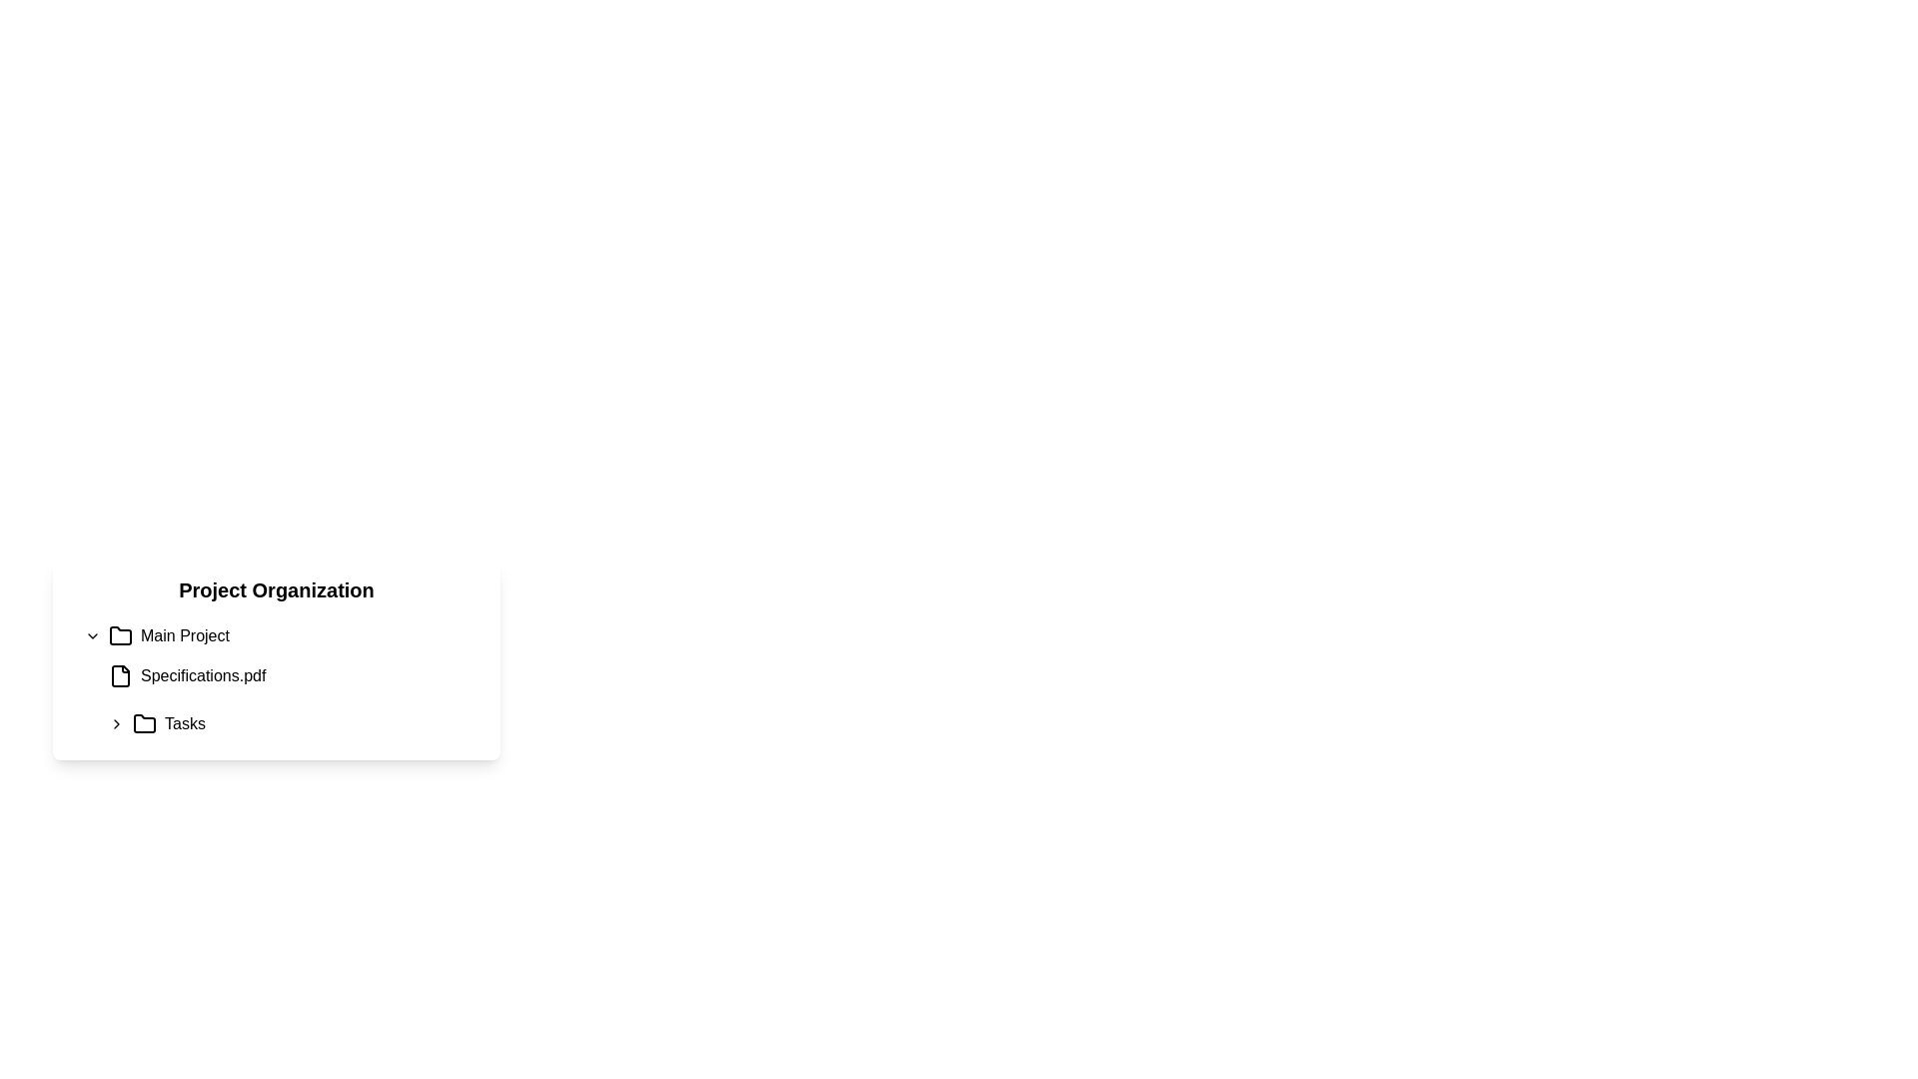 This screenshot has width=1918, height=1079. What do you see at coordinates (143, 724) in the screenshot?
I see `the folder icon that represents the 'Tasks' item, located between the chevron icon and the text 'Tasks'` at bounding box center [143, 724].